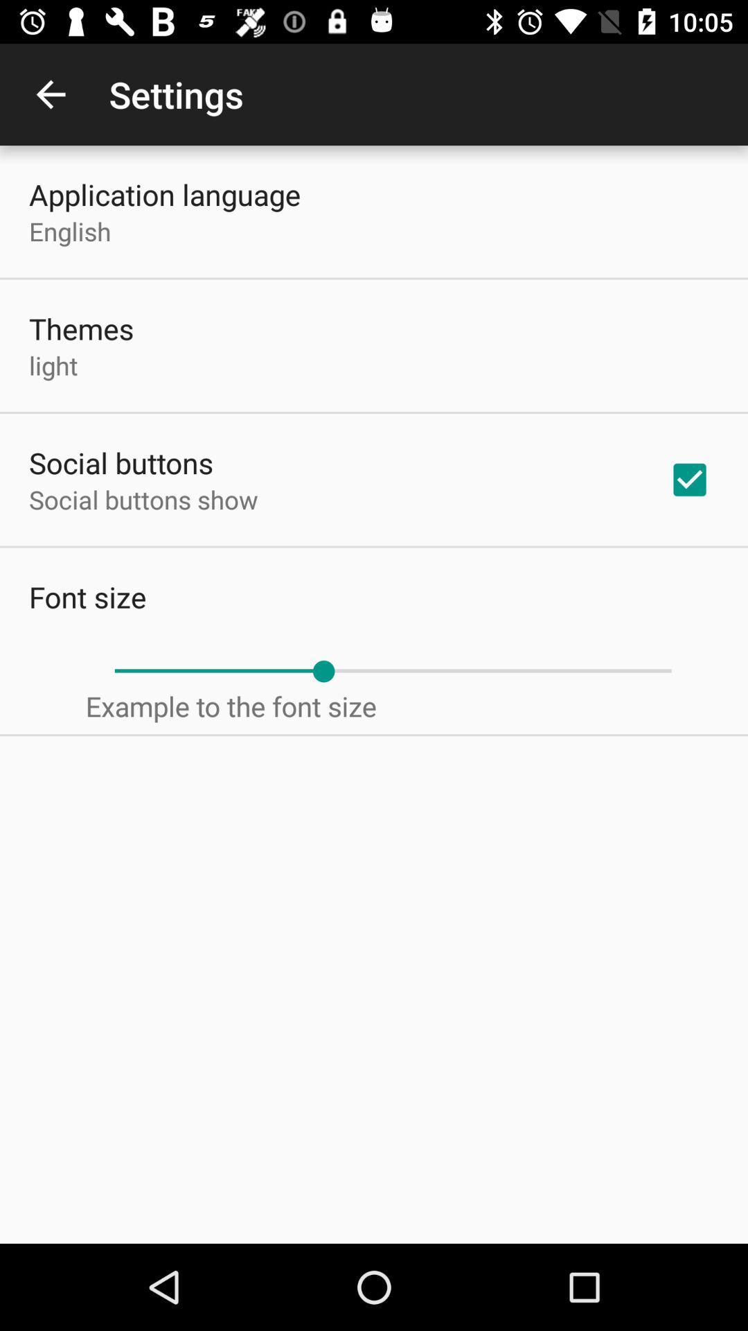 This screenshot has width=748, height=1331. What do you see at coordinates (81, 328) in the screenshot?
I see `the item above the light icon` at bounding box center [81, 328].